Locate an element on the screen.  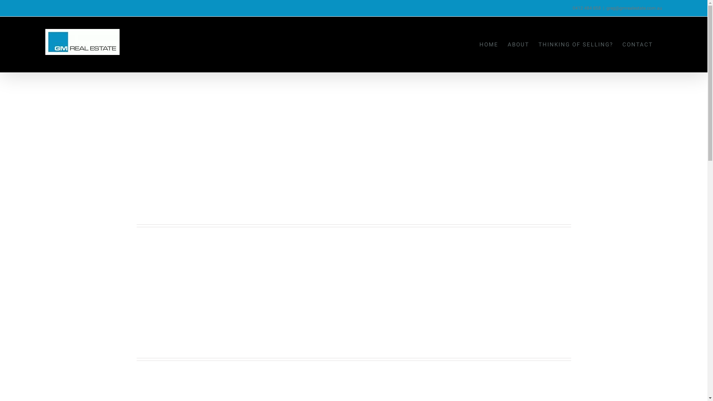
'ABOUT' is located at coordinates (518, 44).